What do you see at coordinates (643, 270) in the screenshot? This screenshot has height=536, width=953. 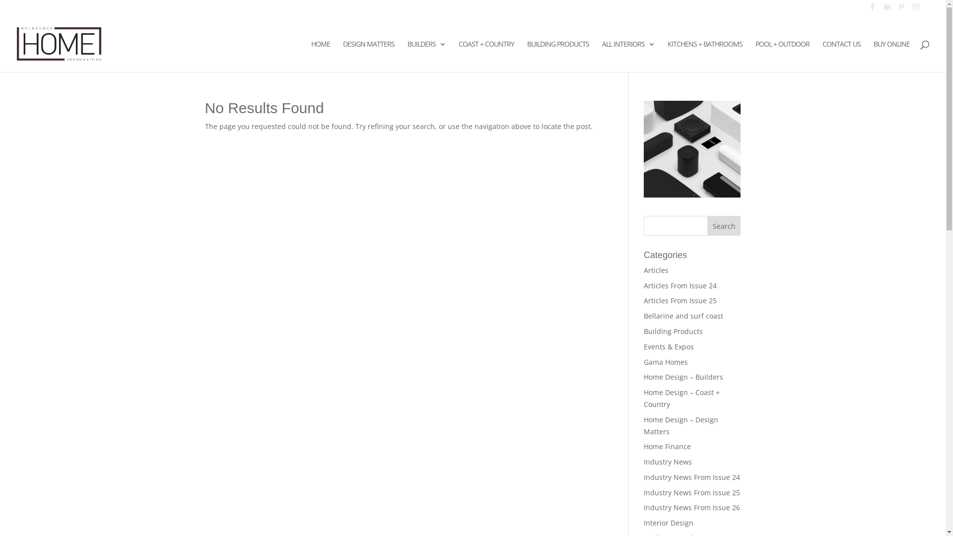 I see `'Articles'` at bounding box center [643, 270].